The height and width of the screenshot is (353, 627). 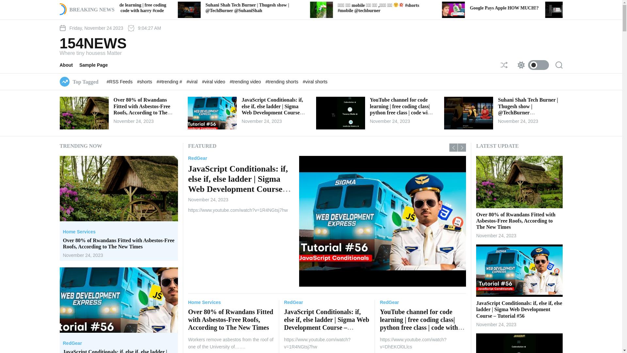 I want to click on '#viral video', so click(x=214, y=81).